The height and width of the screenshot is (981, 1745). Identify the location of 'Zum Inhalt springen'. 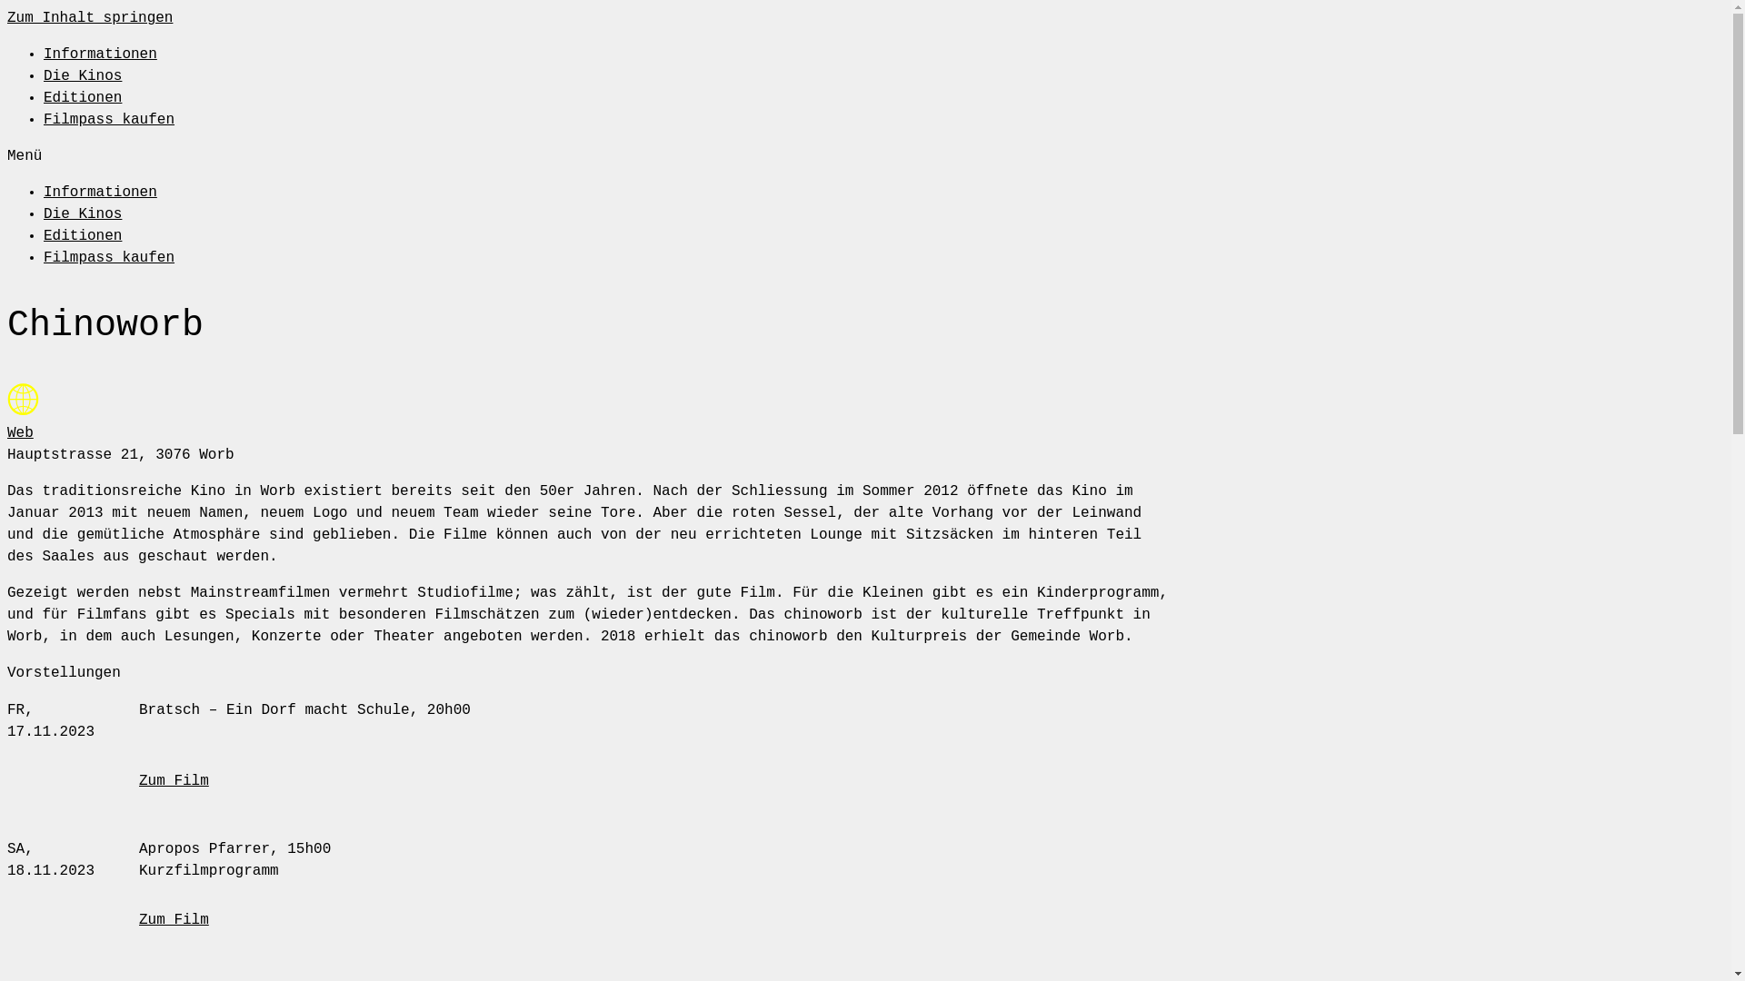
(89, 17).